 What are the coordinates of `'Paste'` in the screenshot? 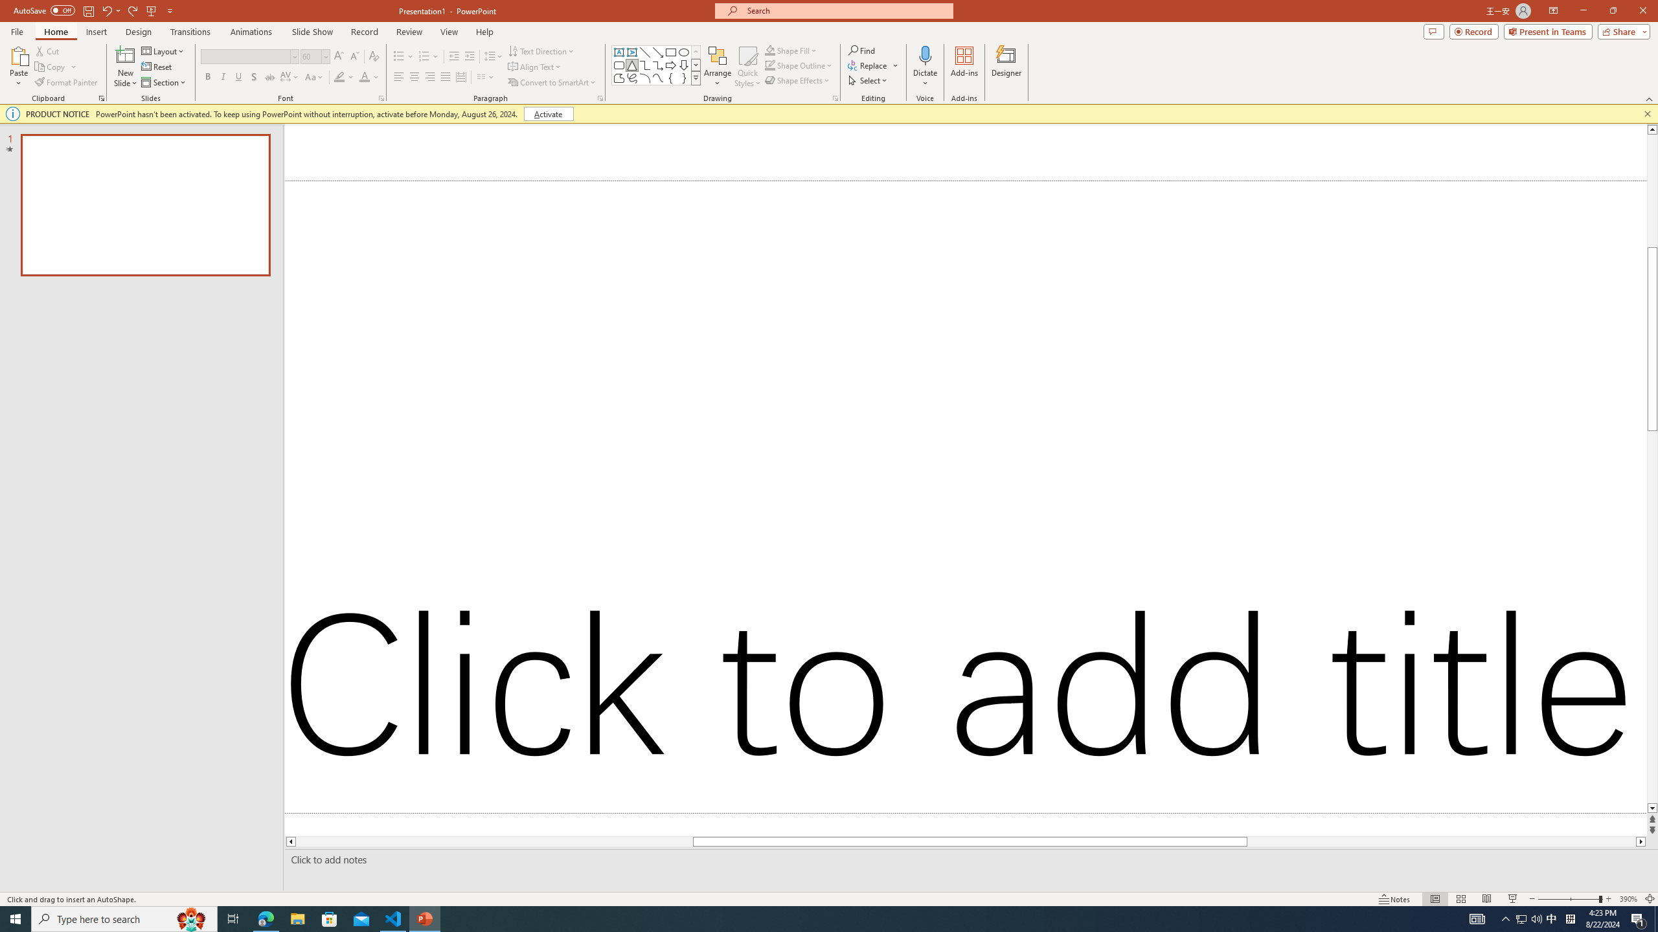 It's located at (18, 67).